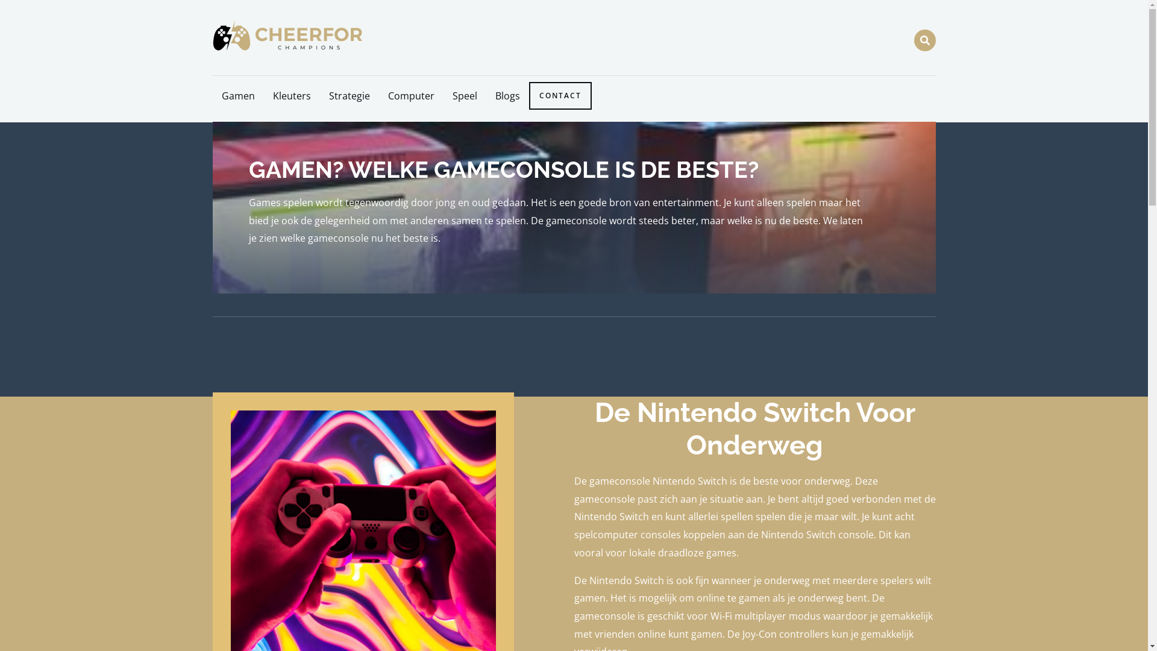 The width and height of the screenshot is (1157, 651). I want to click on 'Strategie', so click(348, 95).